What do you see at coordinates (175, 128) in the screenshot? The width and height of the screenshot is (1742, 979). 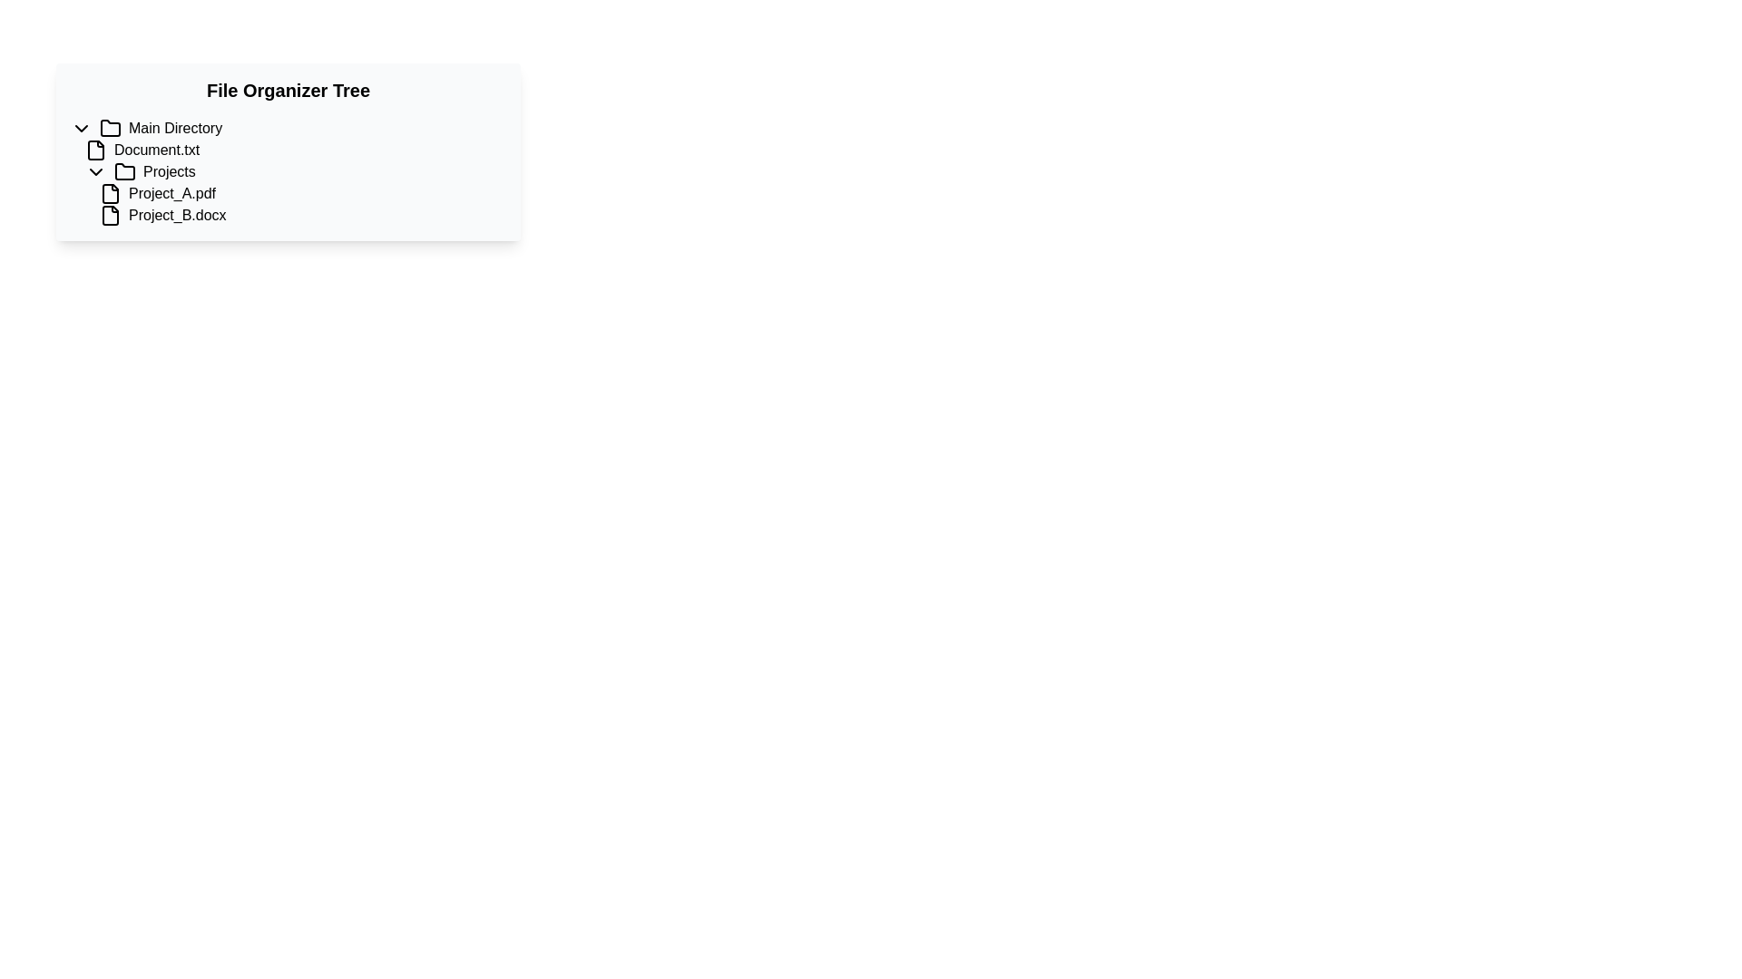 I see `text label displaying 'Main Directory' which is the last item in a horizontal navigation structure, positioned next to a folder icon` at bounding box center [175, 128].